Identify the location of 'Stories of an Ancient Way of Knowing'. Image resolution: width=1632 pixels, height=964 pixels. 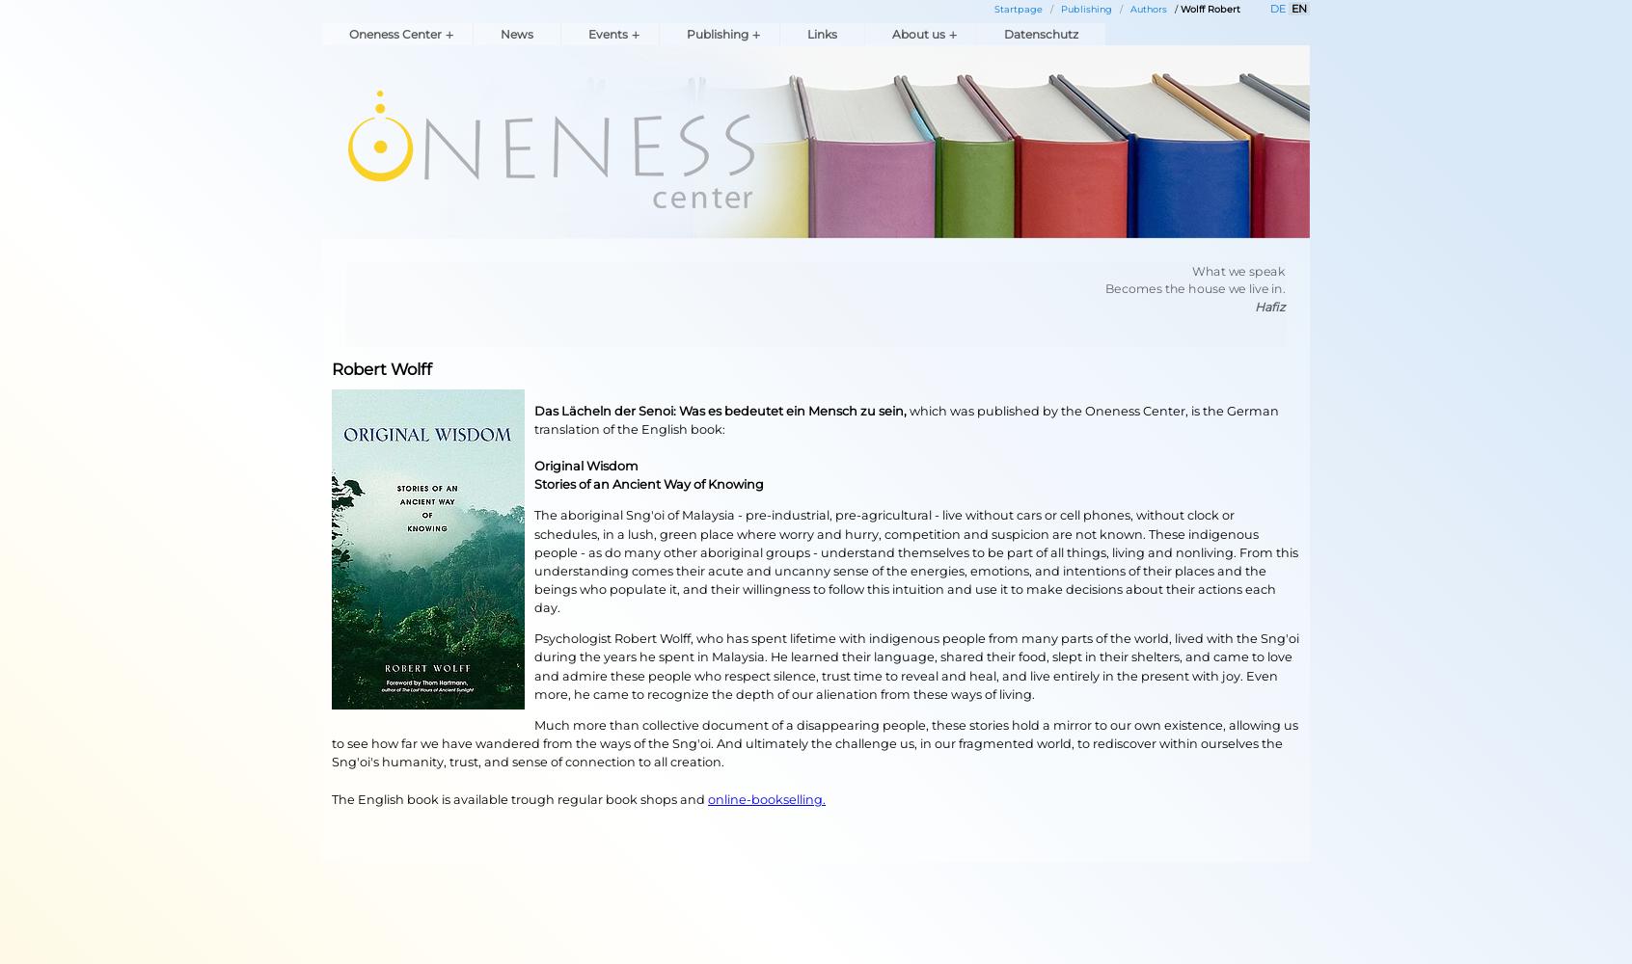
(649, 484).